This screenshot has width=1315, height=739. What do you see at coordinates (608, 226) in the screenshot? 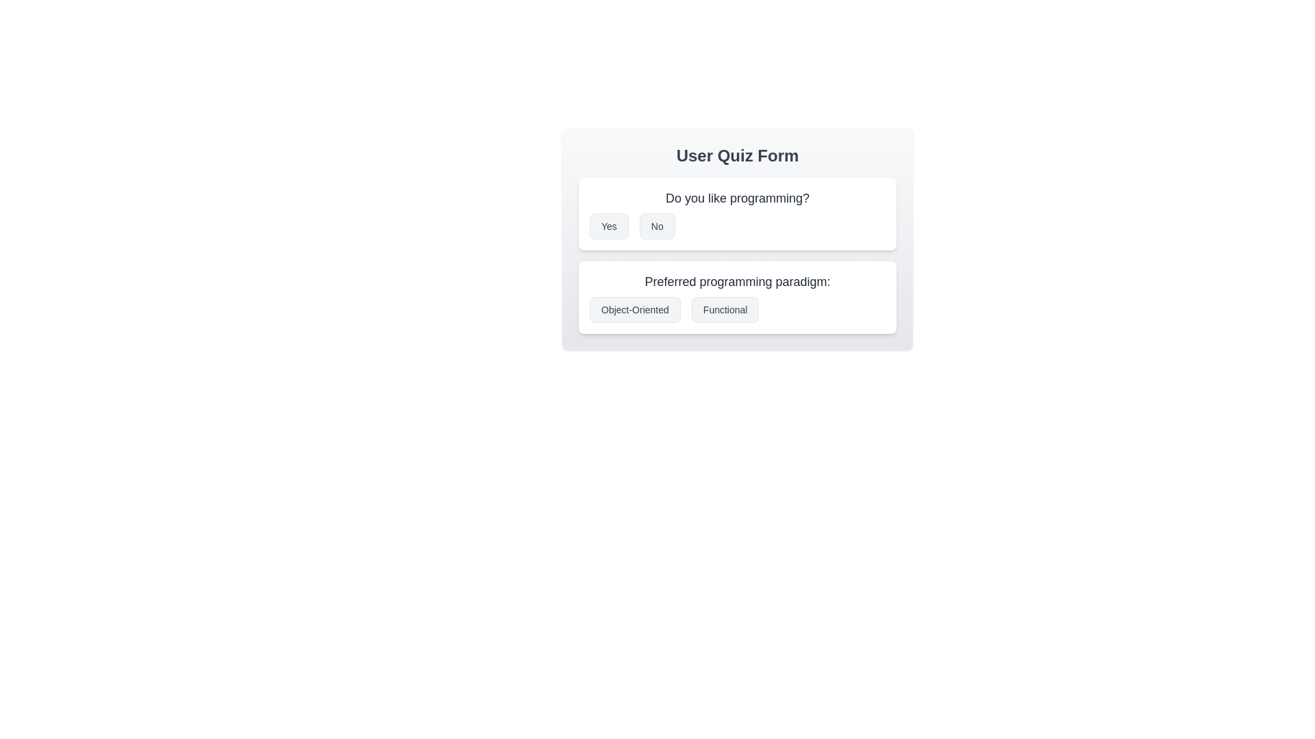
I see `the 'Yes' button that indicates a positive response to the question 'Do you like programming?'` at bounding box center [608, 226].